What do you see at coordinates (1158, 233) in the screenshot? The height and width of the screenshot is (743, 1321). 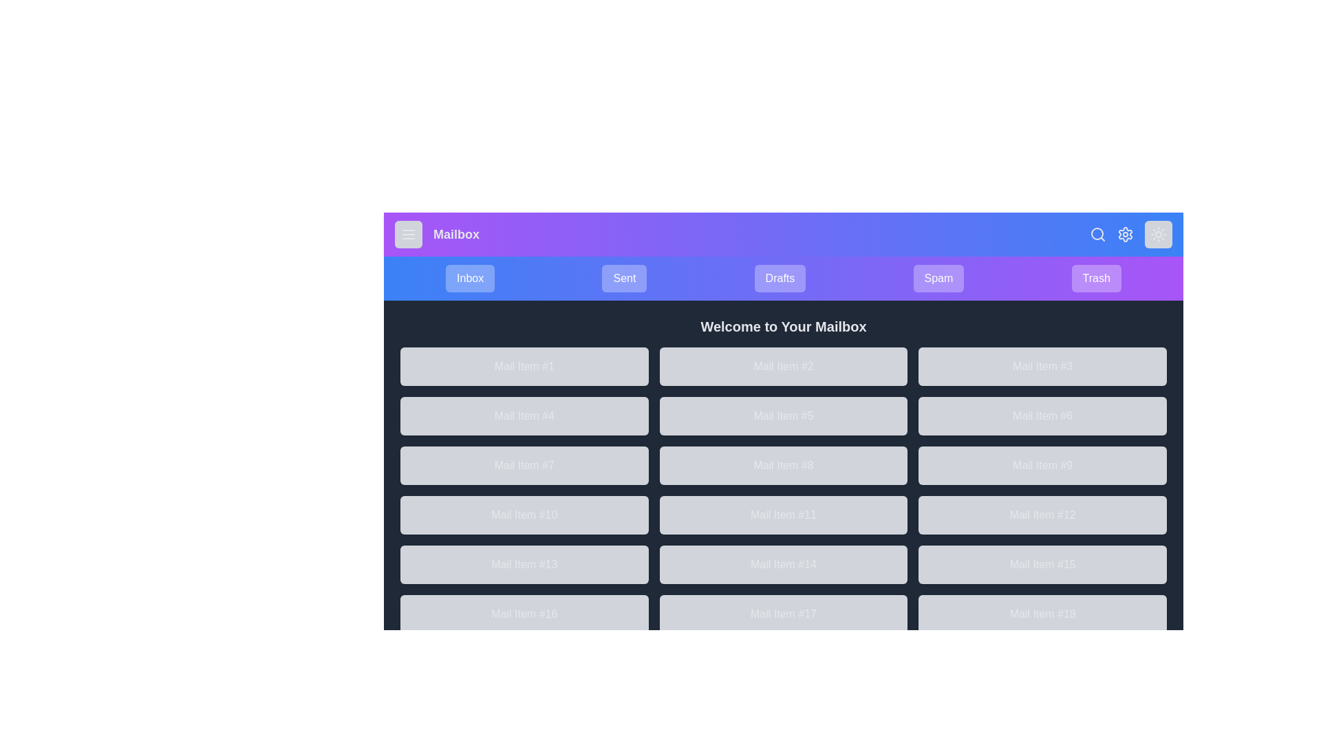 I see `the navigation or action element Theme Toggle` at bounding box center [1158, 233].